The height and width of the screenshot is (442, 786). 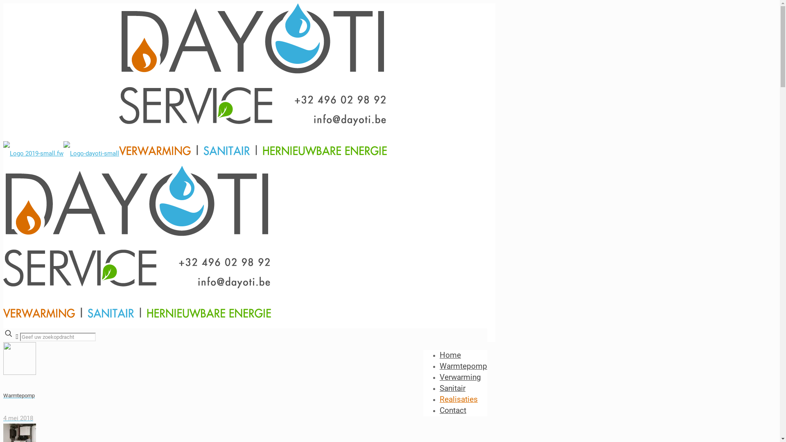 I want to click on 'Verwarming', so click(x=439, y=377).